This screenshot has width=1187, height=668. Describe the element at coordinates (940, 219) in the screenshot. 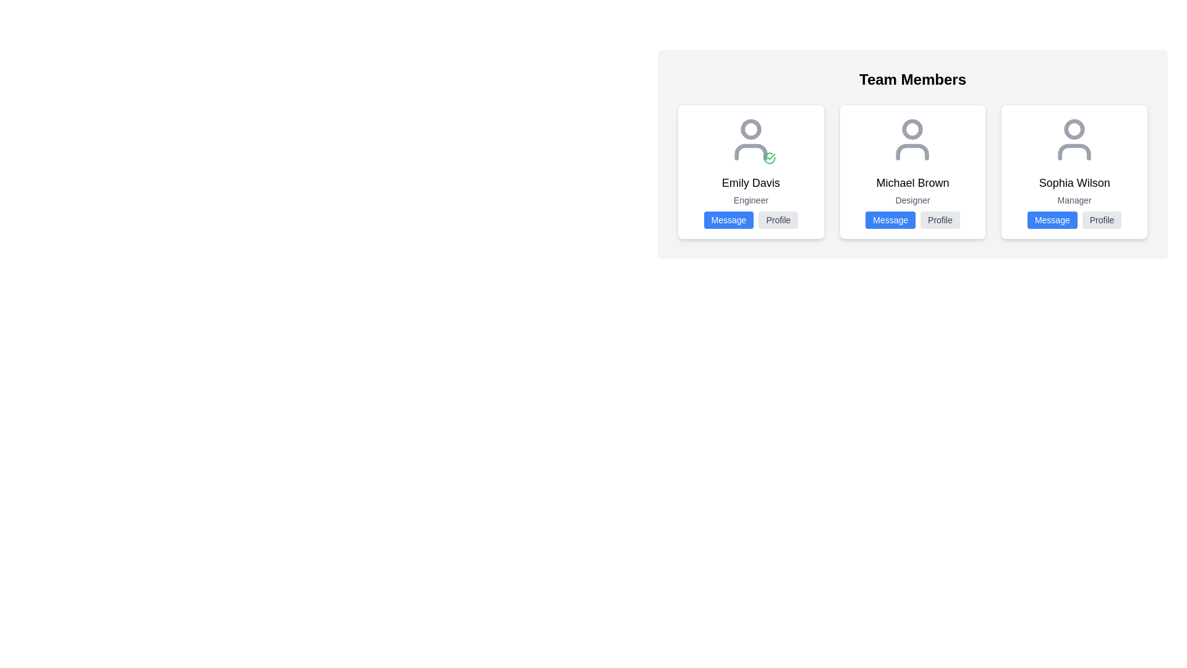

I see `the 'Profile' button with a light gray background and darker gray text, located at the bottom of a team member's card` at that location.